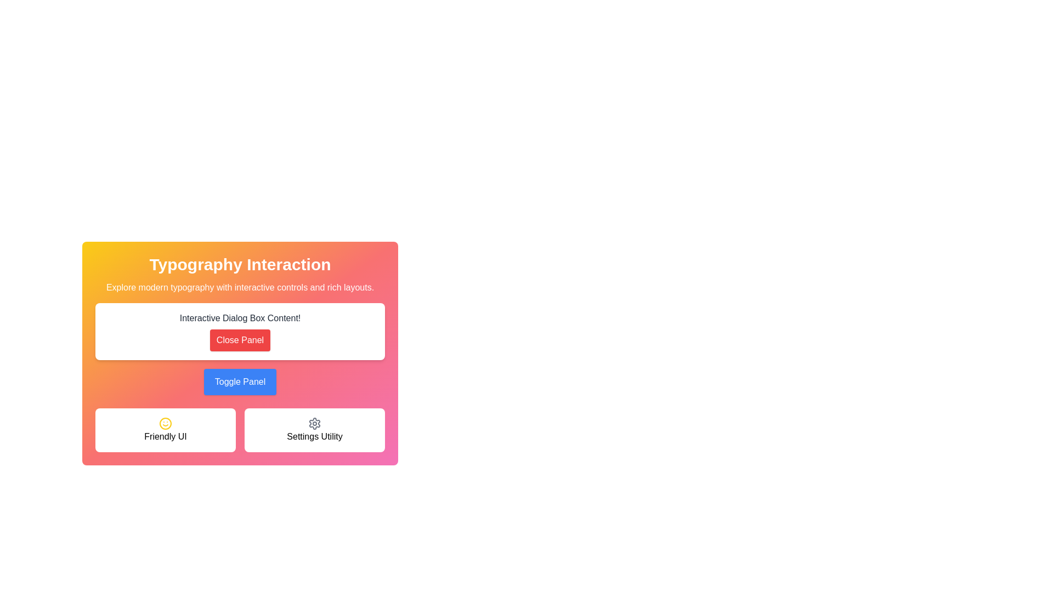 The width and height of the screenshot is (1053, 592). I want to click on the gear-like settings icon, which is gray and located in the bottom-right corner of the 'Settings Utility' card, positioned above the text label 'Settings Utility', so click(314, 423).